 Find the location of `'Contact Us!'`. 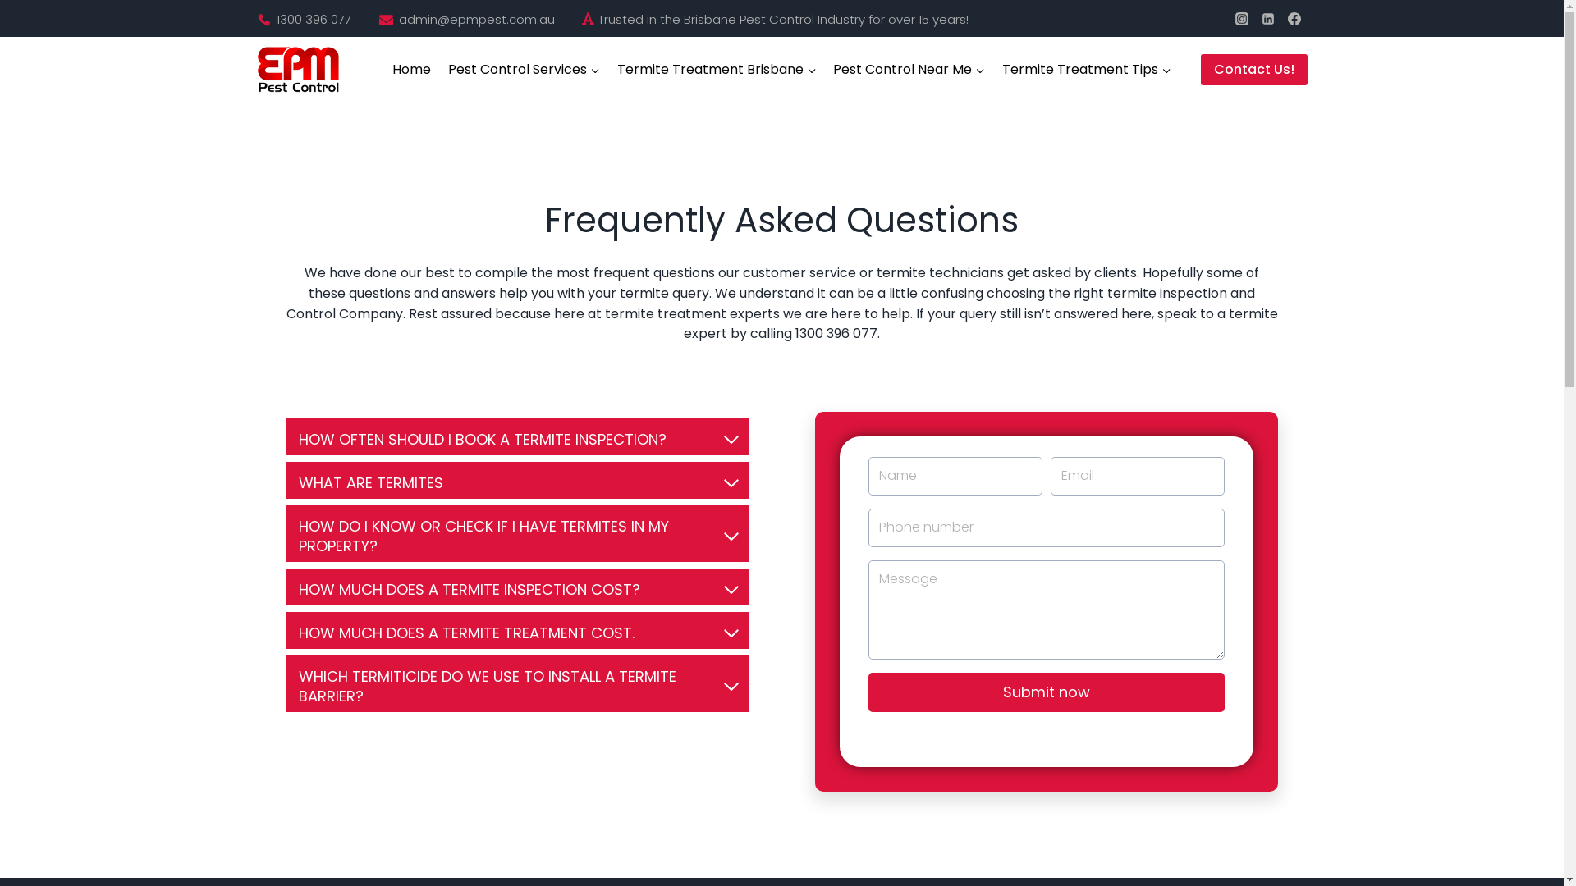

'Contact Us!' is located at coordinates (1252, 68).